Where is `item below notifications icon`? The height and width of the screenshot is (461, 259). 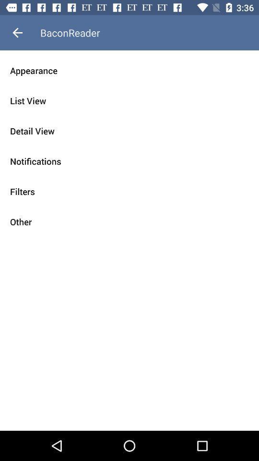
item below notifications icon is located at coordinates (129, 191).